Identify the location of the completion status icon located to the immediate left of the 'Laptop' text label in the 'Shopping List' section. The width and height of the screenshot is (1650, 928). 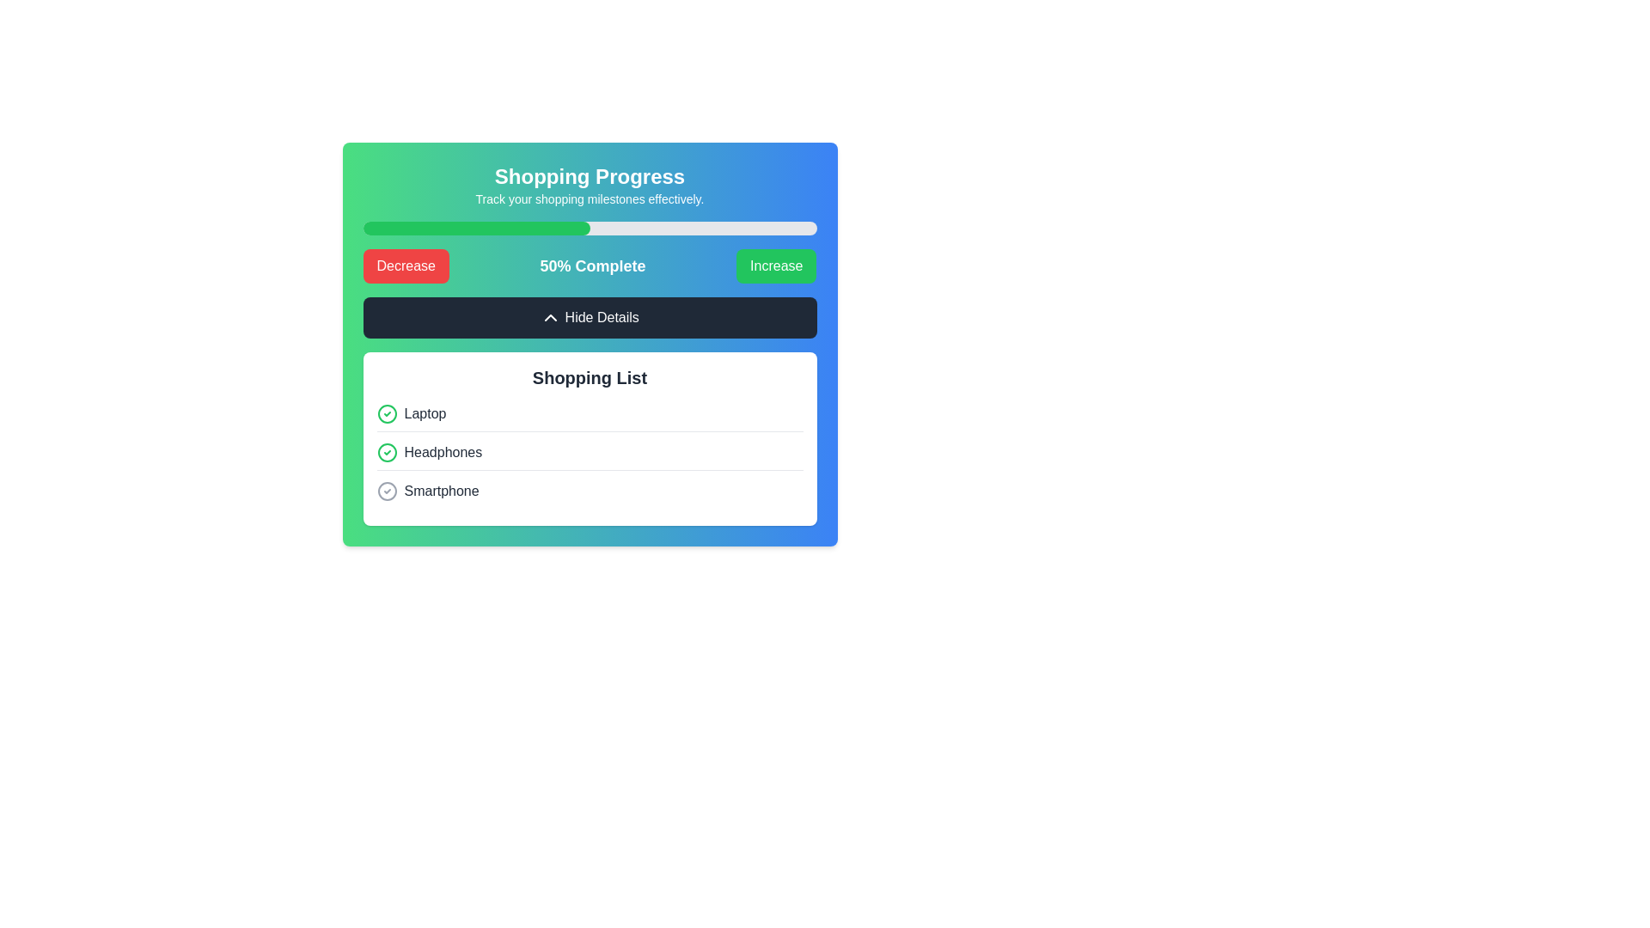
(386, 414).